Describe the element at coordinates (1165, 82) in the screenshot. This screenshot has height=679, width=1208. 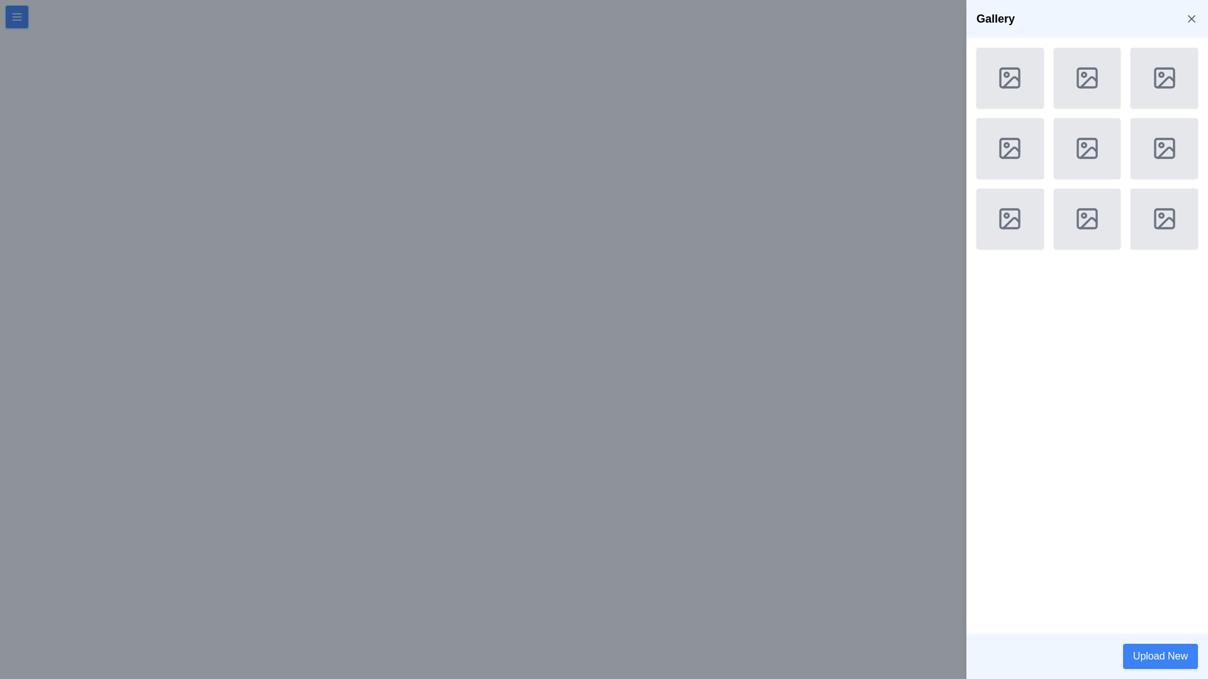
I see `the diagonal line in the top-right corner of the Gallery section, which represents a placeholder image icon` at that location.